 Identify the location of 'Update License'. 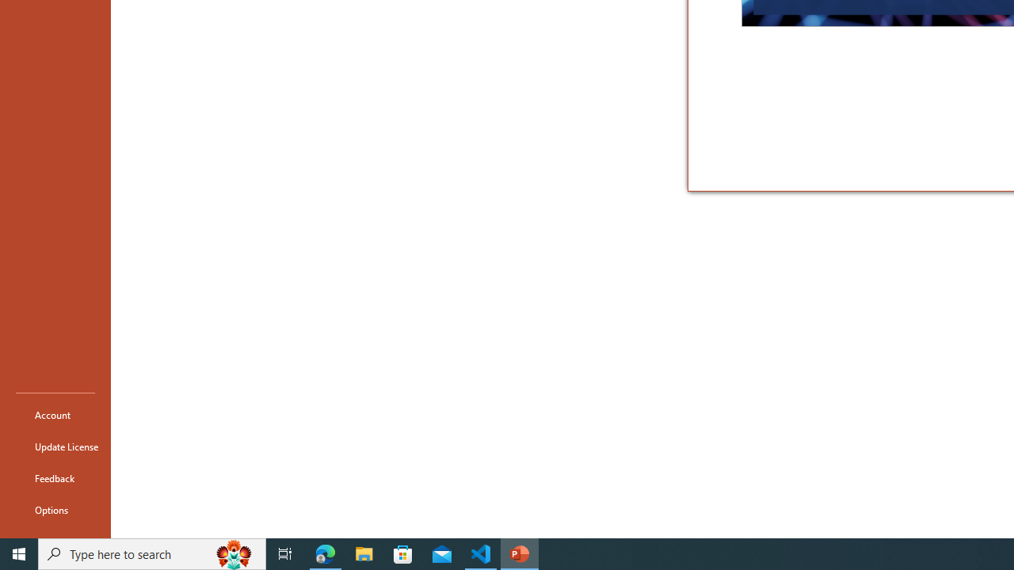
(55, 446).